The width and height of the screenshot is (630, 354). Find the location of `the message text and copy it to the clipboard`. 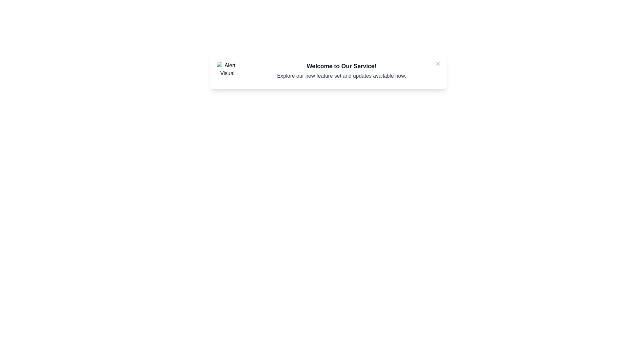

the message text and copy it to the clipboard is located at coordinates (242, 72).